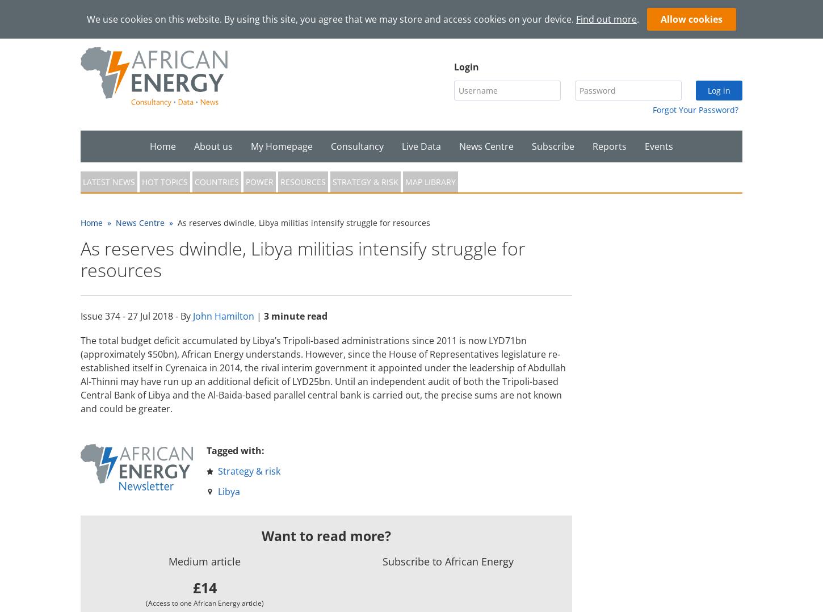 The image size is (823, 612). Describe the element at coordinates (552, 145) in the screenshot. I see `'Subscribe'` at that location.